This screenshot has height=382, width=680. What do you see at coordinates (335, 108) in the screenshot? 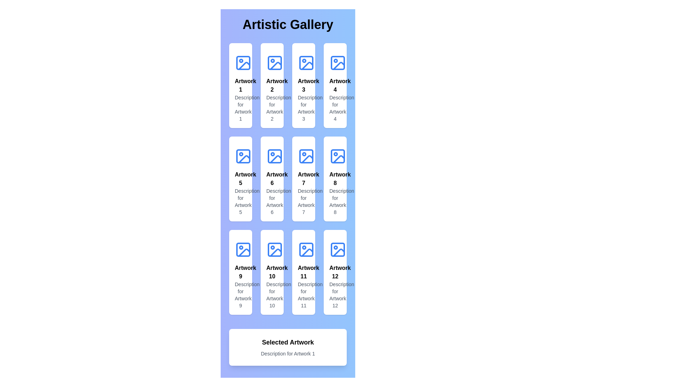
I see `the text block displaying 'Description for Artwork 4' located in the top-right corner of the visible grid of artworks` at bounding box center [335, 108].